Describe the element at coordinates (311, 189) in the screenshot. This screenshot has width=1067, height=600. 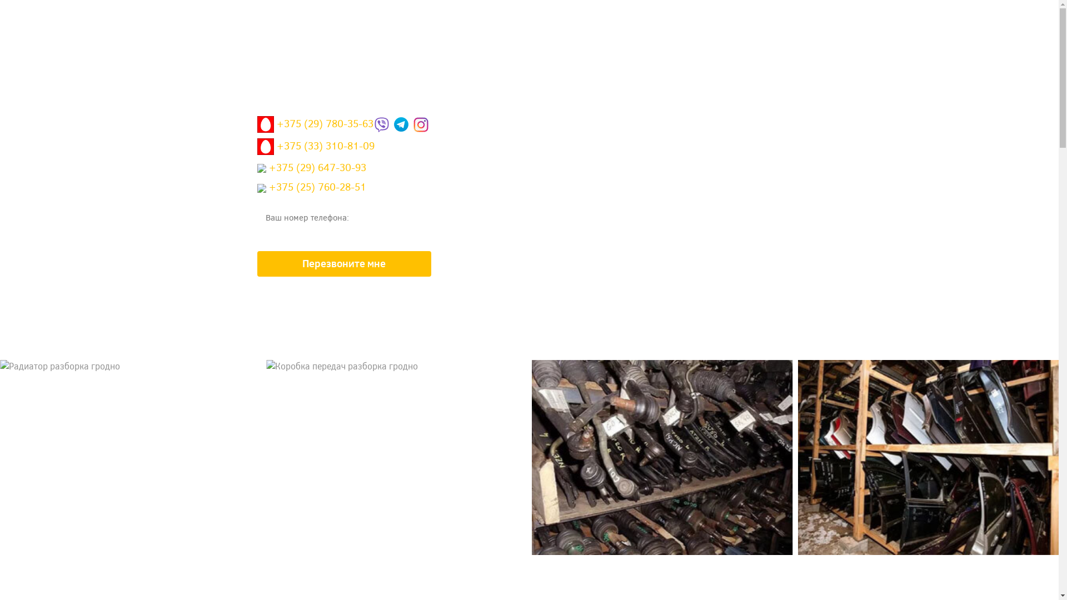
I see `'+375 (25) 760-28-51'` at that location.